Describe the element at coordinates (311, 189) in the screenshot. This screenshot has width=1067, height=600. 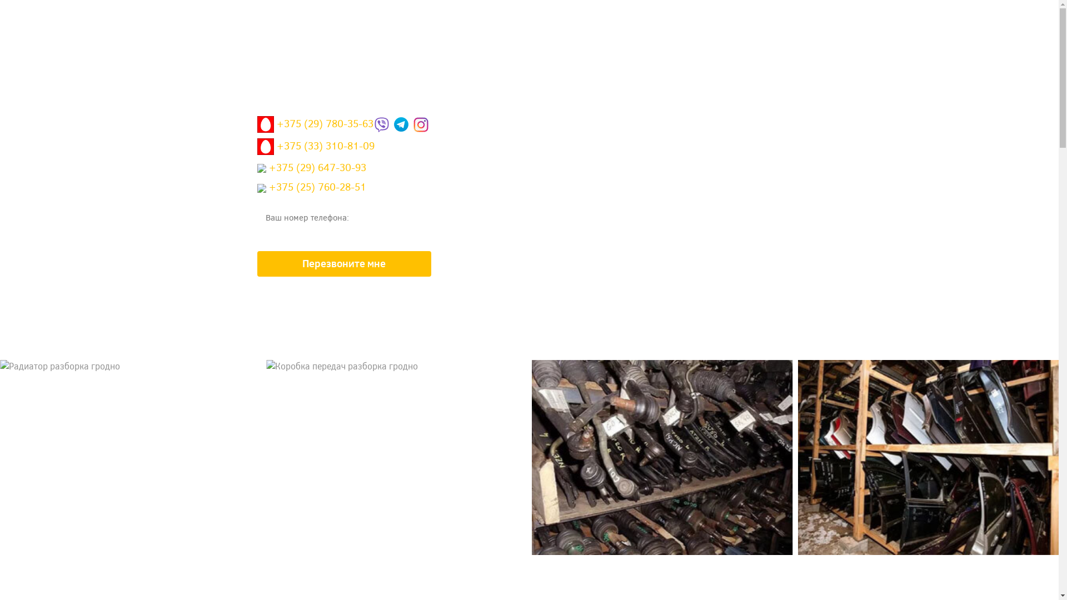
I see `'+375 (25) 760-28-51'` at that location.